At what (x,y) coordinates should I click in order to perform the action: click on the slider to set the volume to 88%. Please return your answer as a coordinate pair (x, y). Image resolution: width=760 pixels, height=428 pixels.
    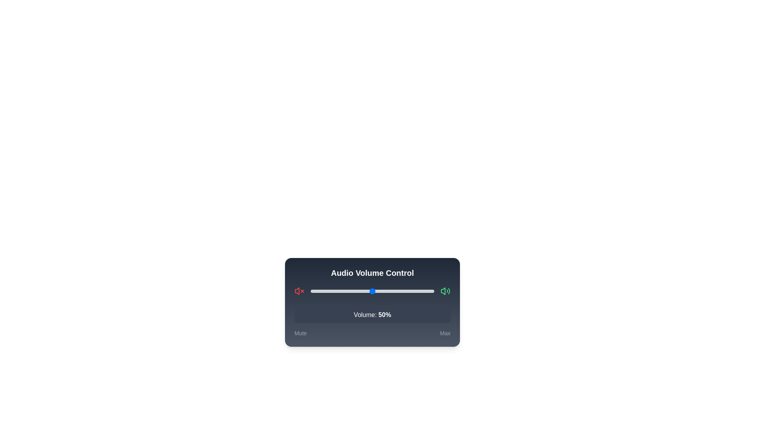
    Looking at the image, I should click on (418, 291).